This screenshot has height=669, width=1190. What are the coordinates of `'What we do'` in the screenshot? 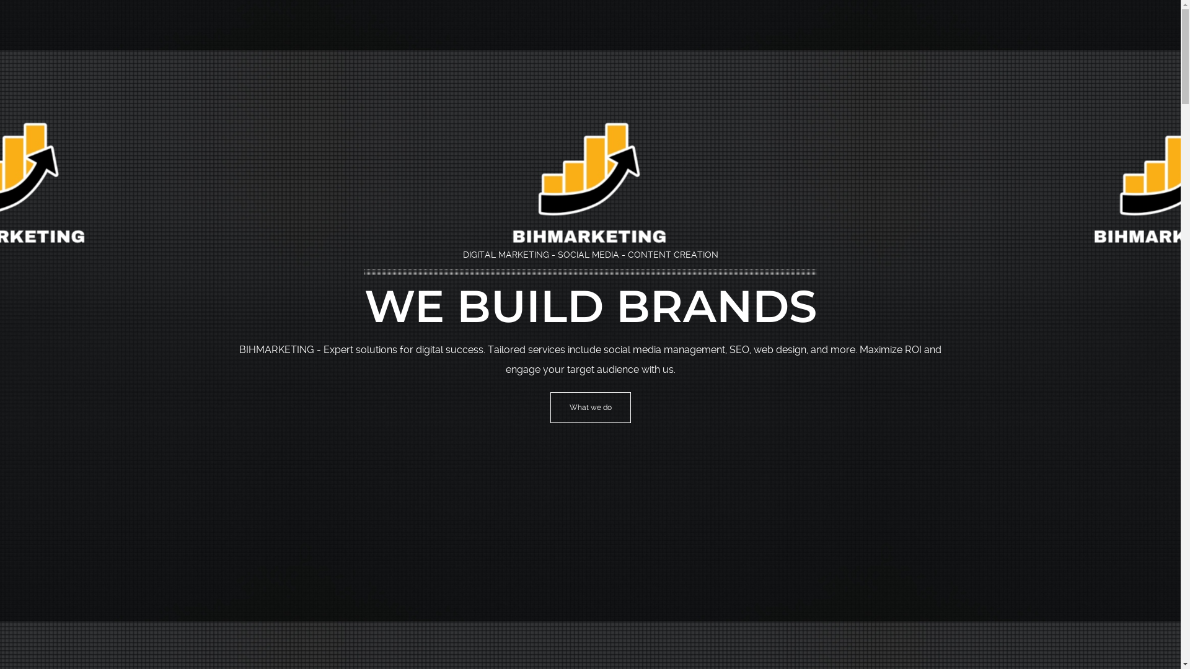 It's located at (590, 408).